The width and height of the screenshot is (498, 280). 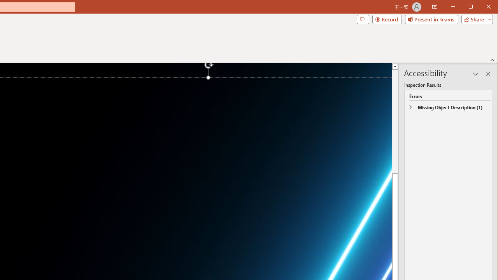 What do you see at coordinates (431, 19) in the screenshot?
I see `'Present in Teams'` at bounding box center [431, 19].